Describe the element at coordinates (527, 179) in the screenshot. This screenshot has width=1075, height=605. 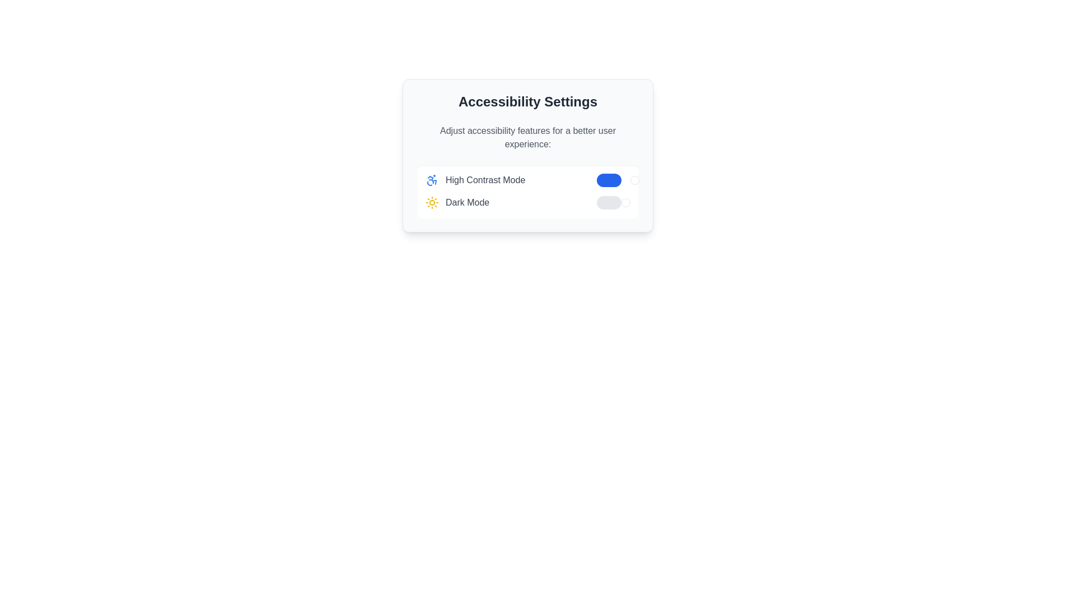
I see `the 'High Contrast Mode' toggle switch` at that location.